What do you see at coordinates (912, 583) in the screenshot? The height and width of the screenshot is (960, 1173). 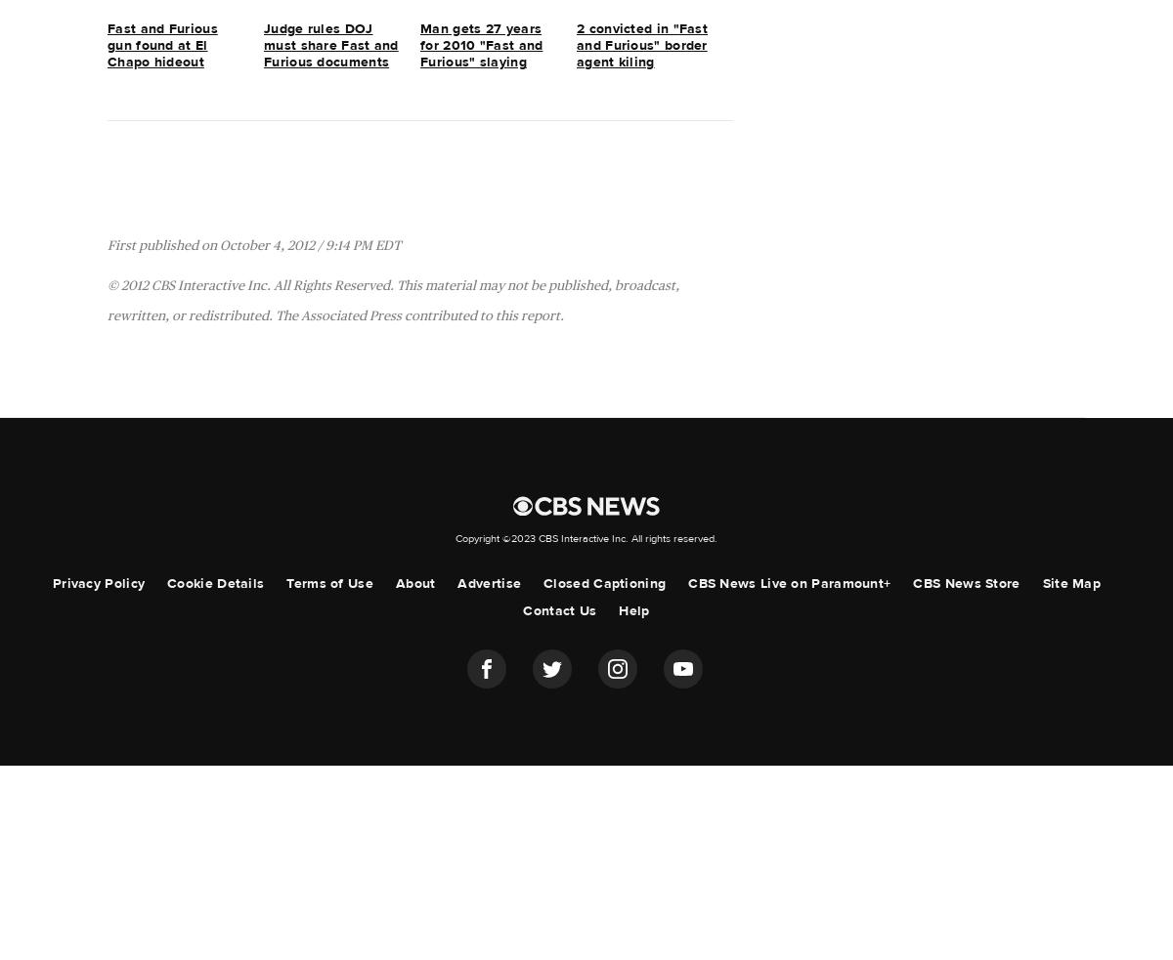 I see `'CBS News Store'` at bounding box center [912, 583].